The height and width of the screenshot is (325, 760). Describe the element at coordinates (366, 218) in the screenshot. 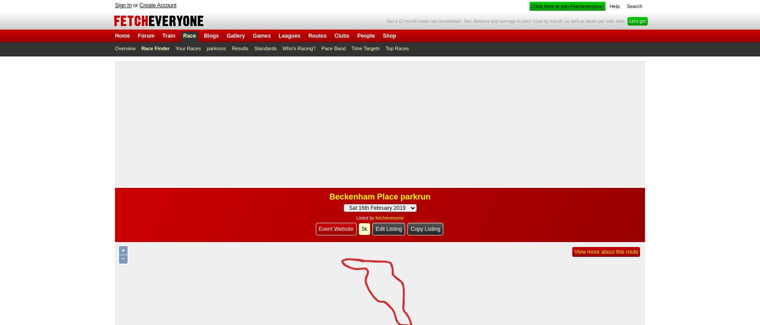

I see `'Listed by'` at that location.